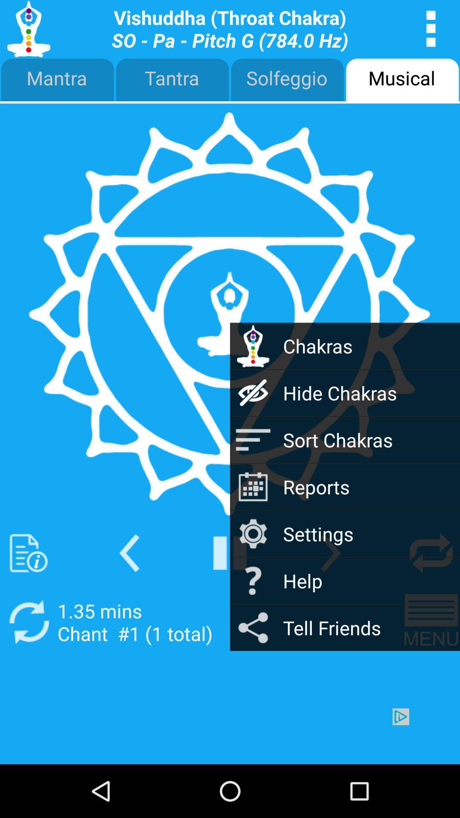 This screenshot has width=460, height=818. I want to click on the question mark icon, so click(253, 580).